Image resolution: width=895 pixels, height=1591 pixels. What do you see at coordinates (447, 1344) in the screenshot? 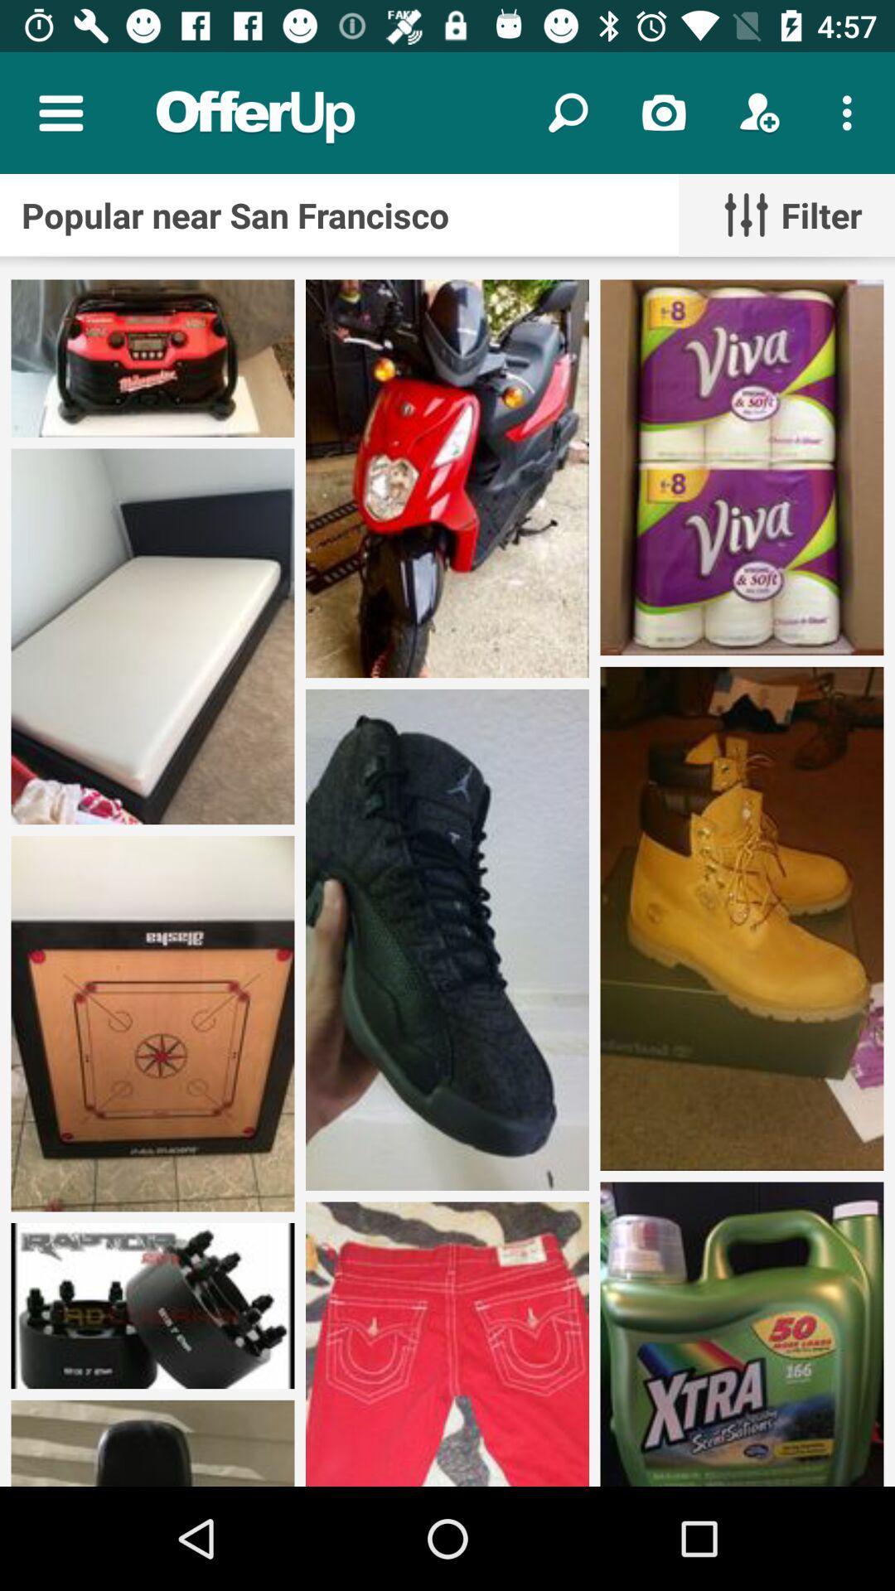
I see `the image which consists of red jeans` at bounding box center [447, 1344].